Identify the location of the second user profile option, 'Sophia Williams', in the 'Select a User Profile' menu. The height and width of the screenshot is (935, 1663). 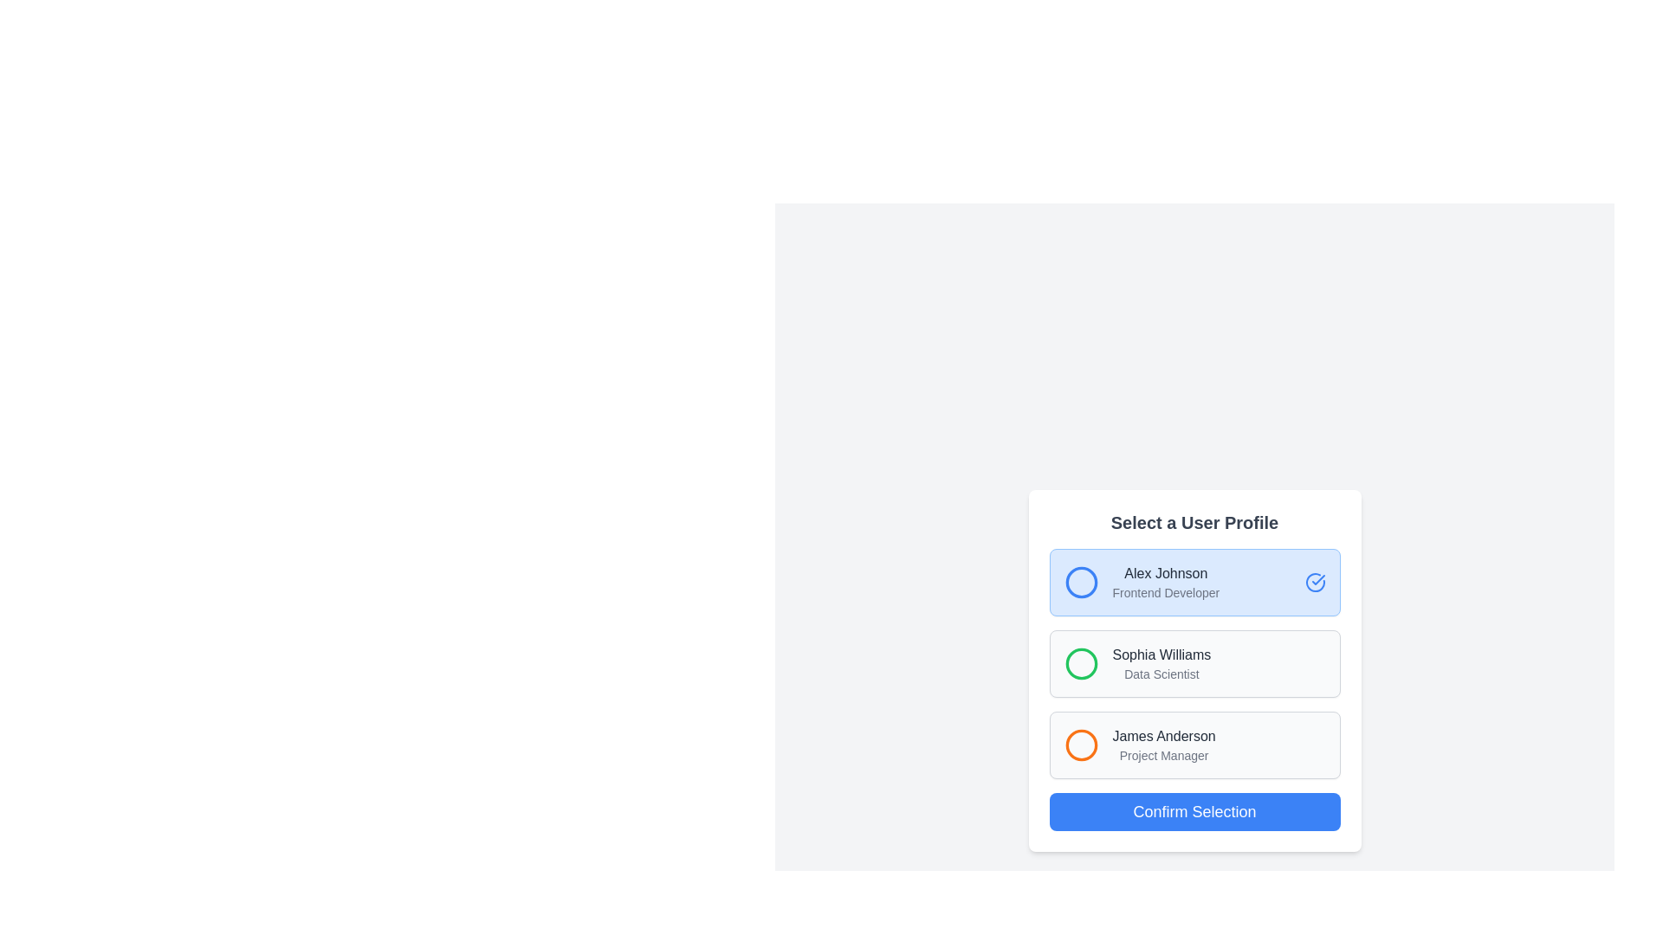
(1194, 663).